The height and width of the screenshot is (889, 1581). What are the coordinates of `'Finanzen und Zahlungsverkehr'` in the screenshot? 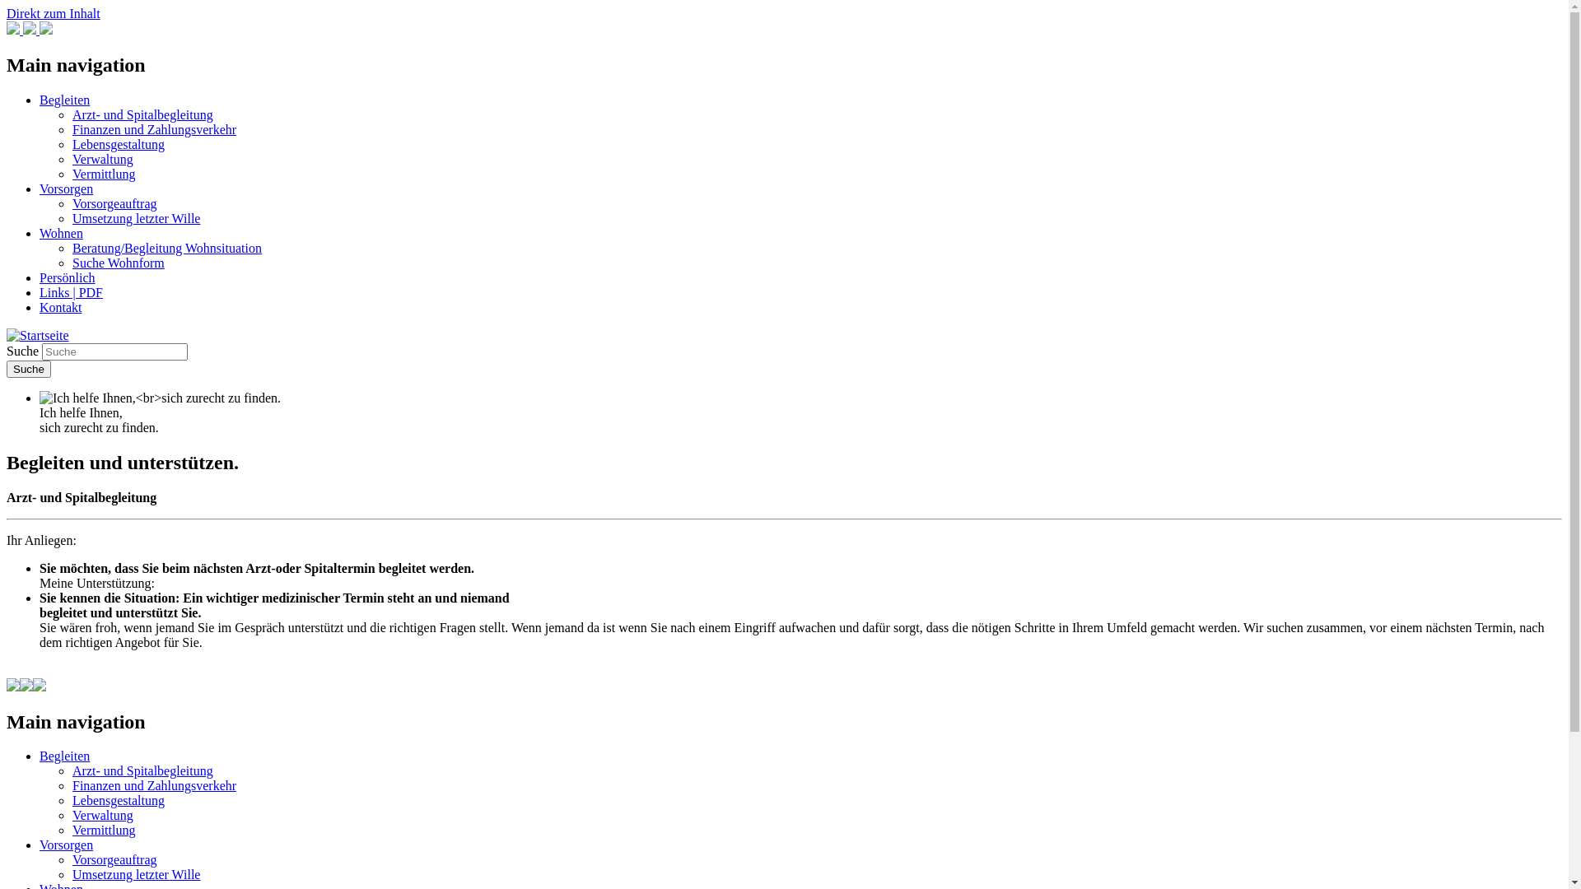 It's located at (154, 128).